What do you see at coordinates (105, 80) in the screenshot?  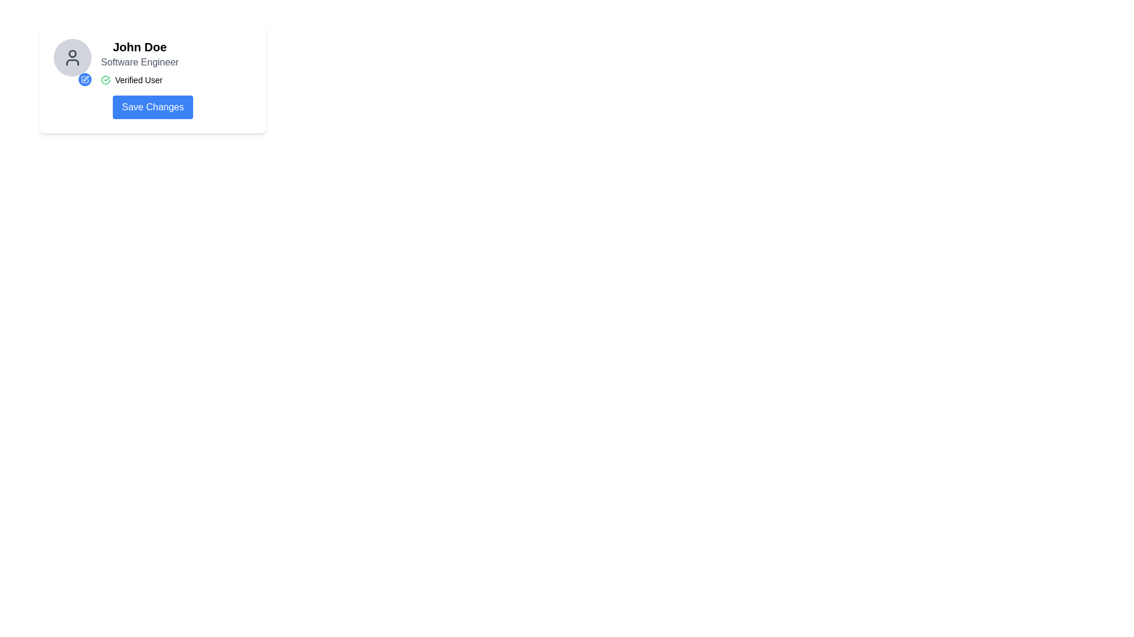 I see `the Decorative status indicator icon located to the right of the user avatar and above the text 'John Doe' and 'Software Engineer'` at bounding box center [105, 80].